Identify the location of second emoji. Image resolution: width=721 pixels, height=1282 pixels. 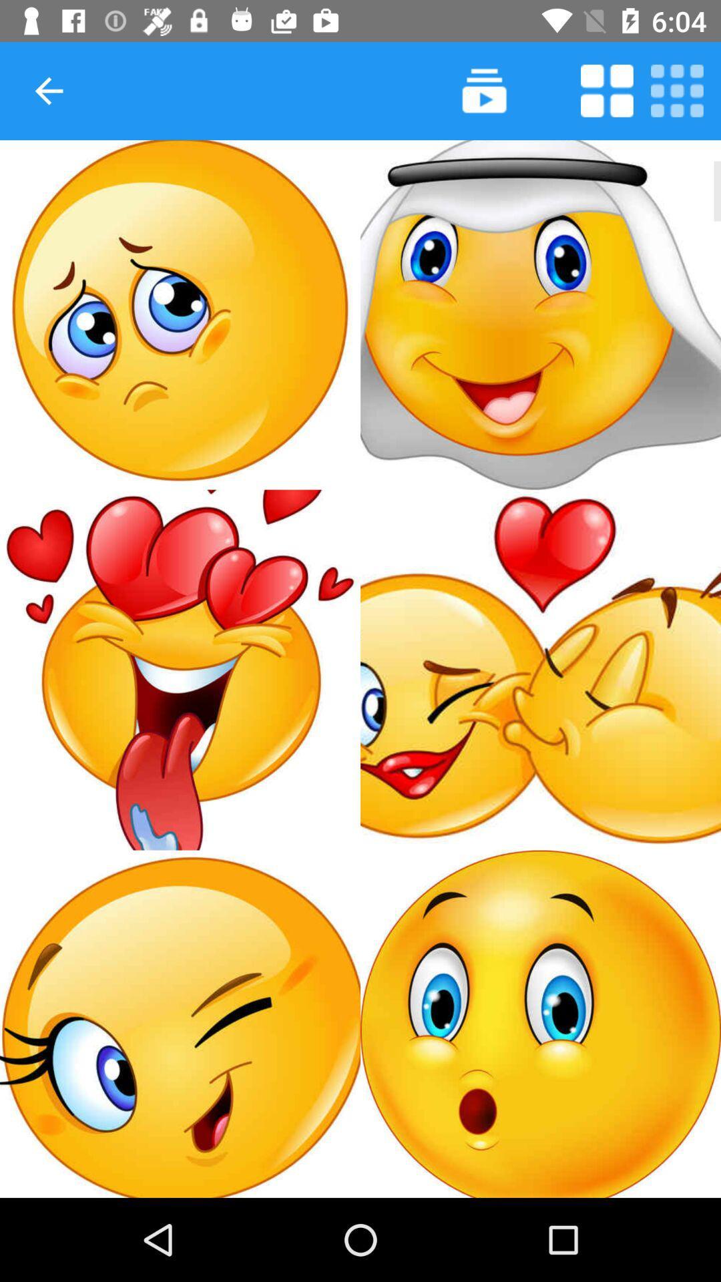
(541, 314).